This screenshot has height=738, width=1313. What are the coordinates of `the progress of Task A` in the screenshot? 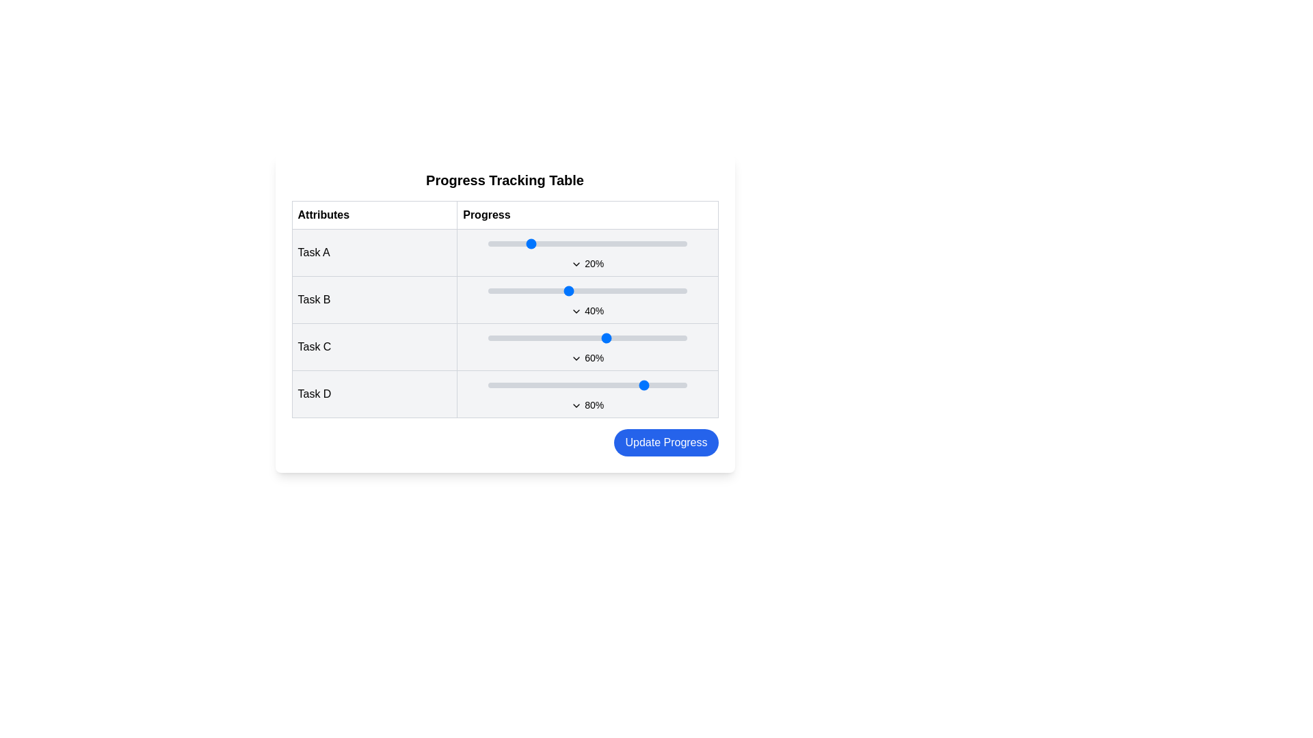 It's located at (553, 243).